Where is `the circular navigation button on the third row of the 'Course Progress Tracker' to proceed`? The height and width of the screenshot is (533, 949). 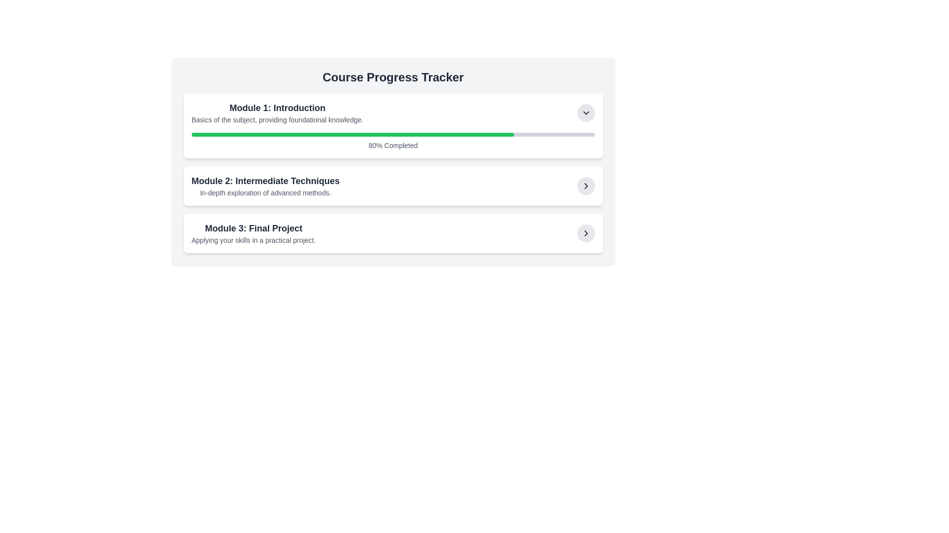 the circular navigation button on the third row of the 'Course Progress Tracker' to proceed is located at coordinates (392, 233).